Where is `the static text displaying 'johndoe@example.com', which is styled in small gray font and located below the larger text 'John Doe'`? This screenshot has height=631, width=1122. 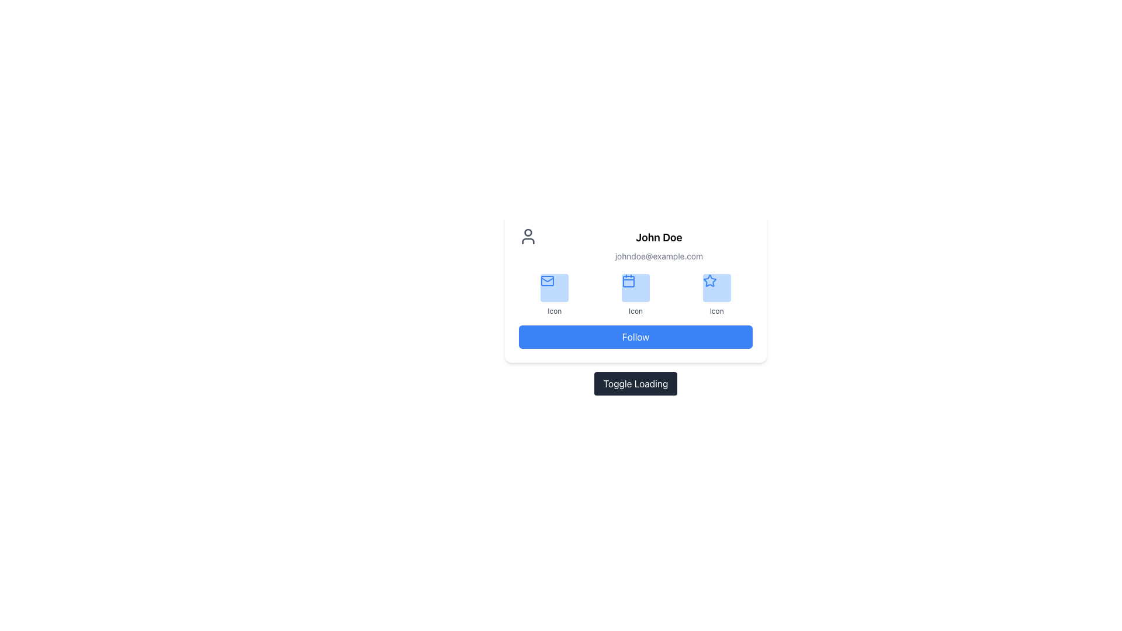 the static text displaying 'johndoe@example.com', which is styled in small gray font and located below the larger text 'John Doe' is located at coordinates (659, 256).